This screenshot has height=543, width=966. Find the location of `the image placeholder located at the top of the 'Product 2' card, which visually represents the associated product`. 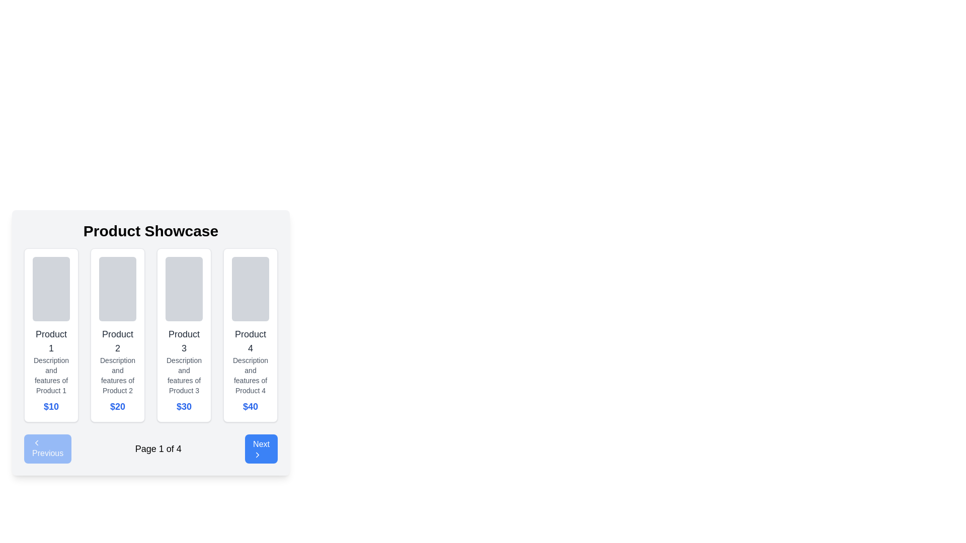

the image placeholder located at the top of the 'Product 2' card, which visually represents the associated product is located at coordinates (118, 289).